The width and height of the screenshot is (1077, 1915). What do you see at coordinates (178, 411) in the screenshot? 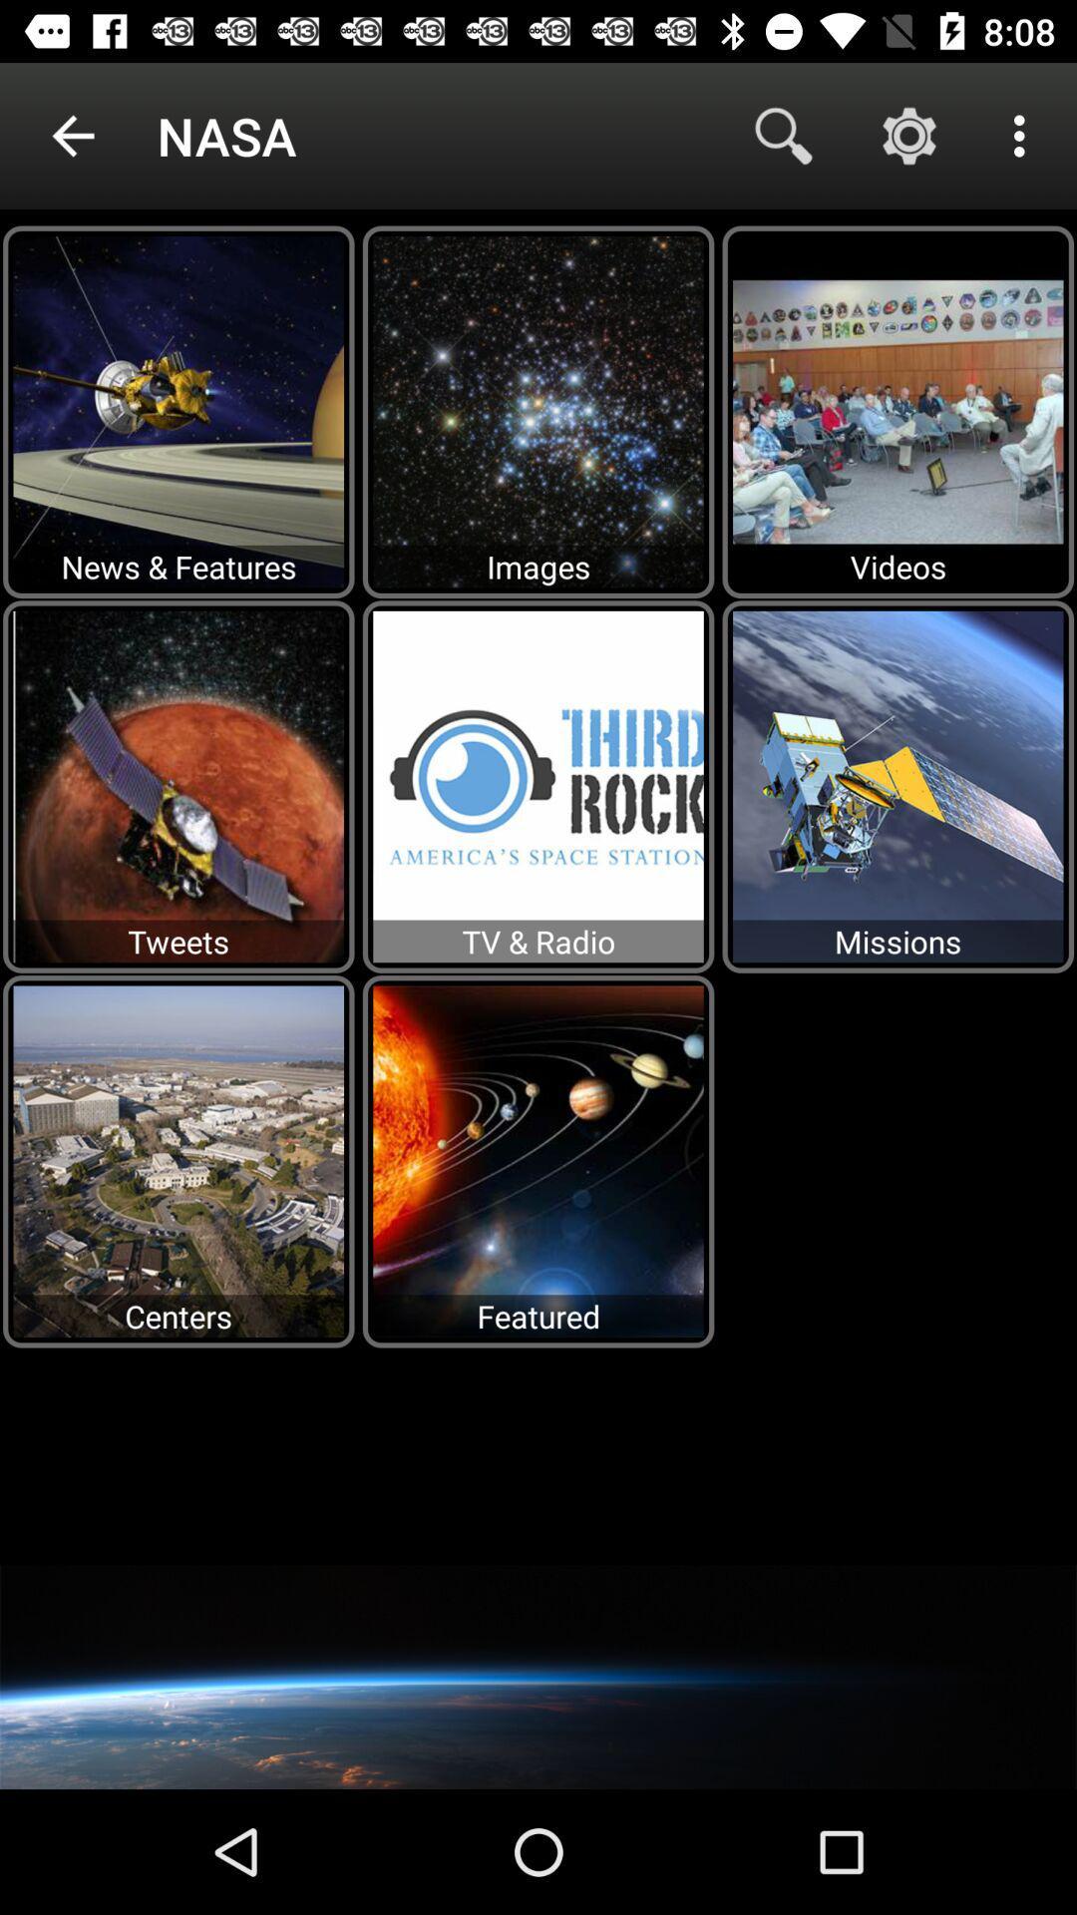
I see `the image newsfeatures in the first row which is below the text nasa` at bounding box center [178, 411].